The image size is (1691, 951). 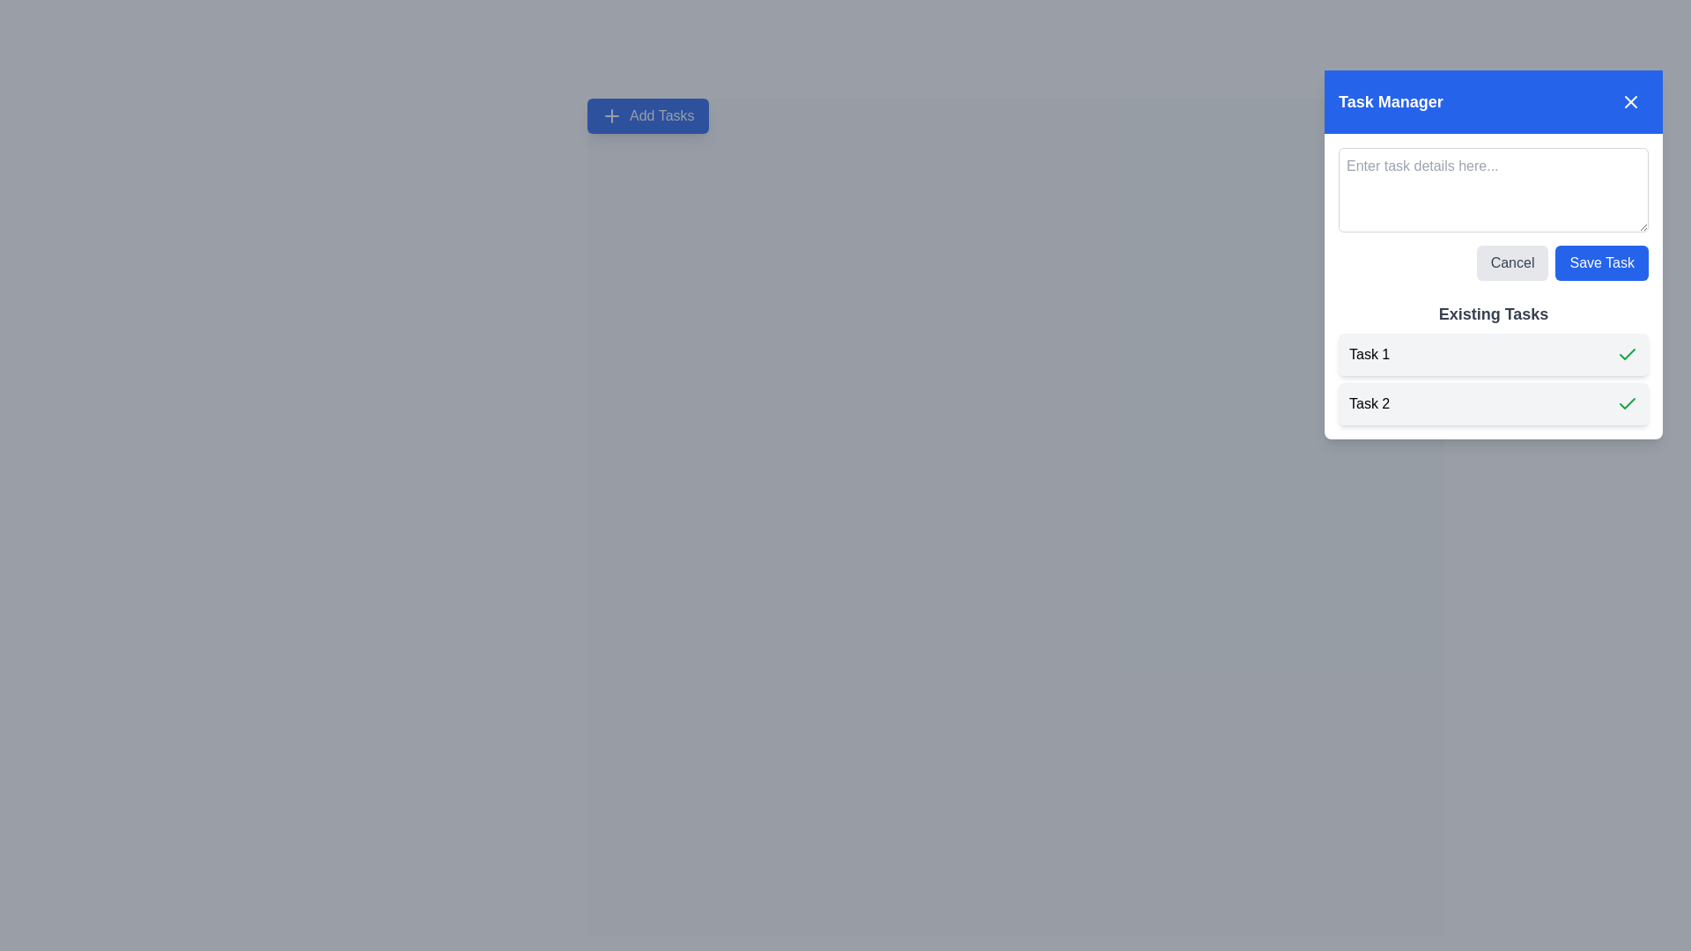 What do you see at coordinates (1602, 263) in the screenshot?
I see `the 'Save' button located on the right side of the 'Task Manager' modal dialog` at bounding box center [1602, 263].